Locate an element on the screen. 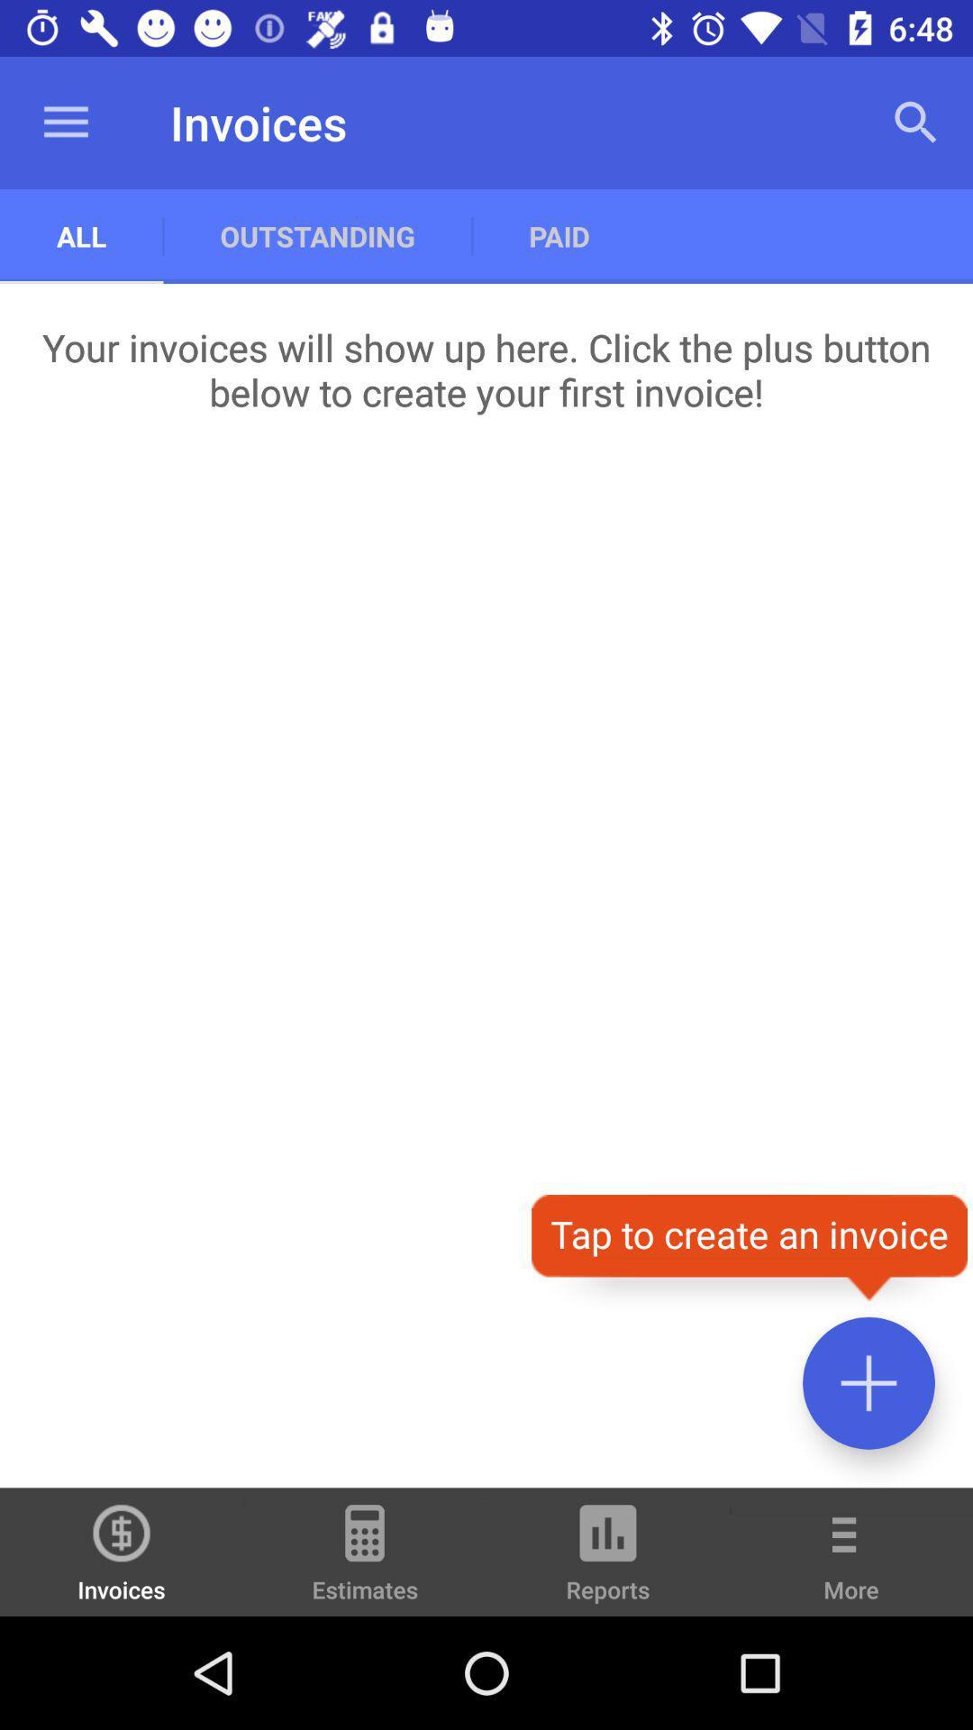  invoice is located at coordinates (868, 1382).